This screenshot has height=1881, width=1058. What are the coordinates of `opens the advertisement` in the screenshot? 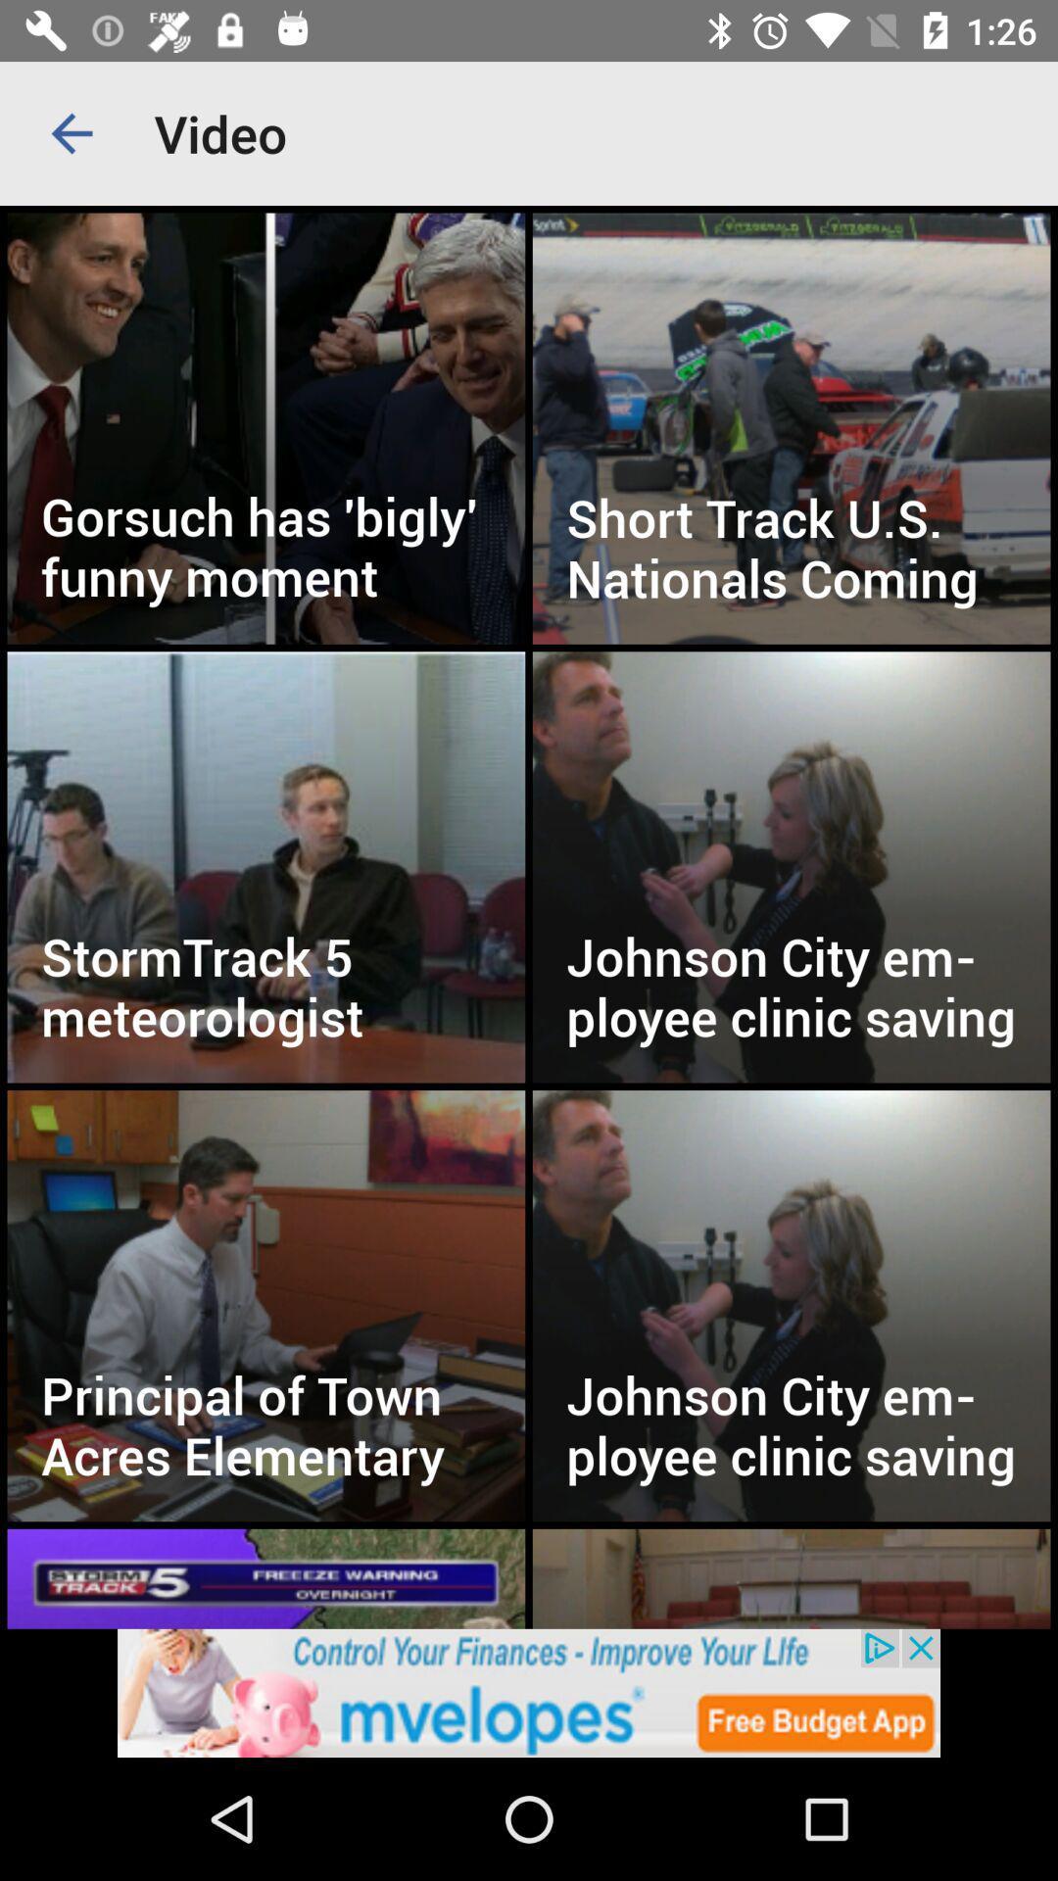 It's located at (529, 1692).